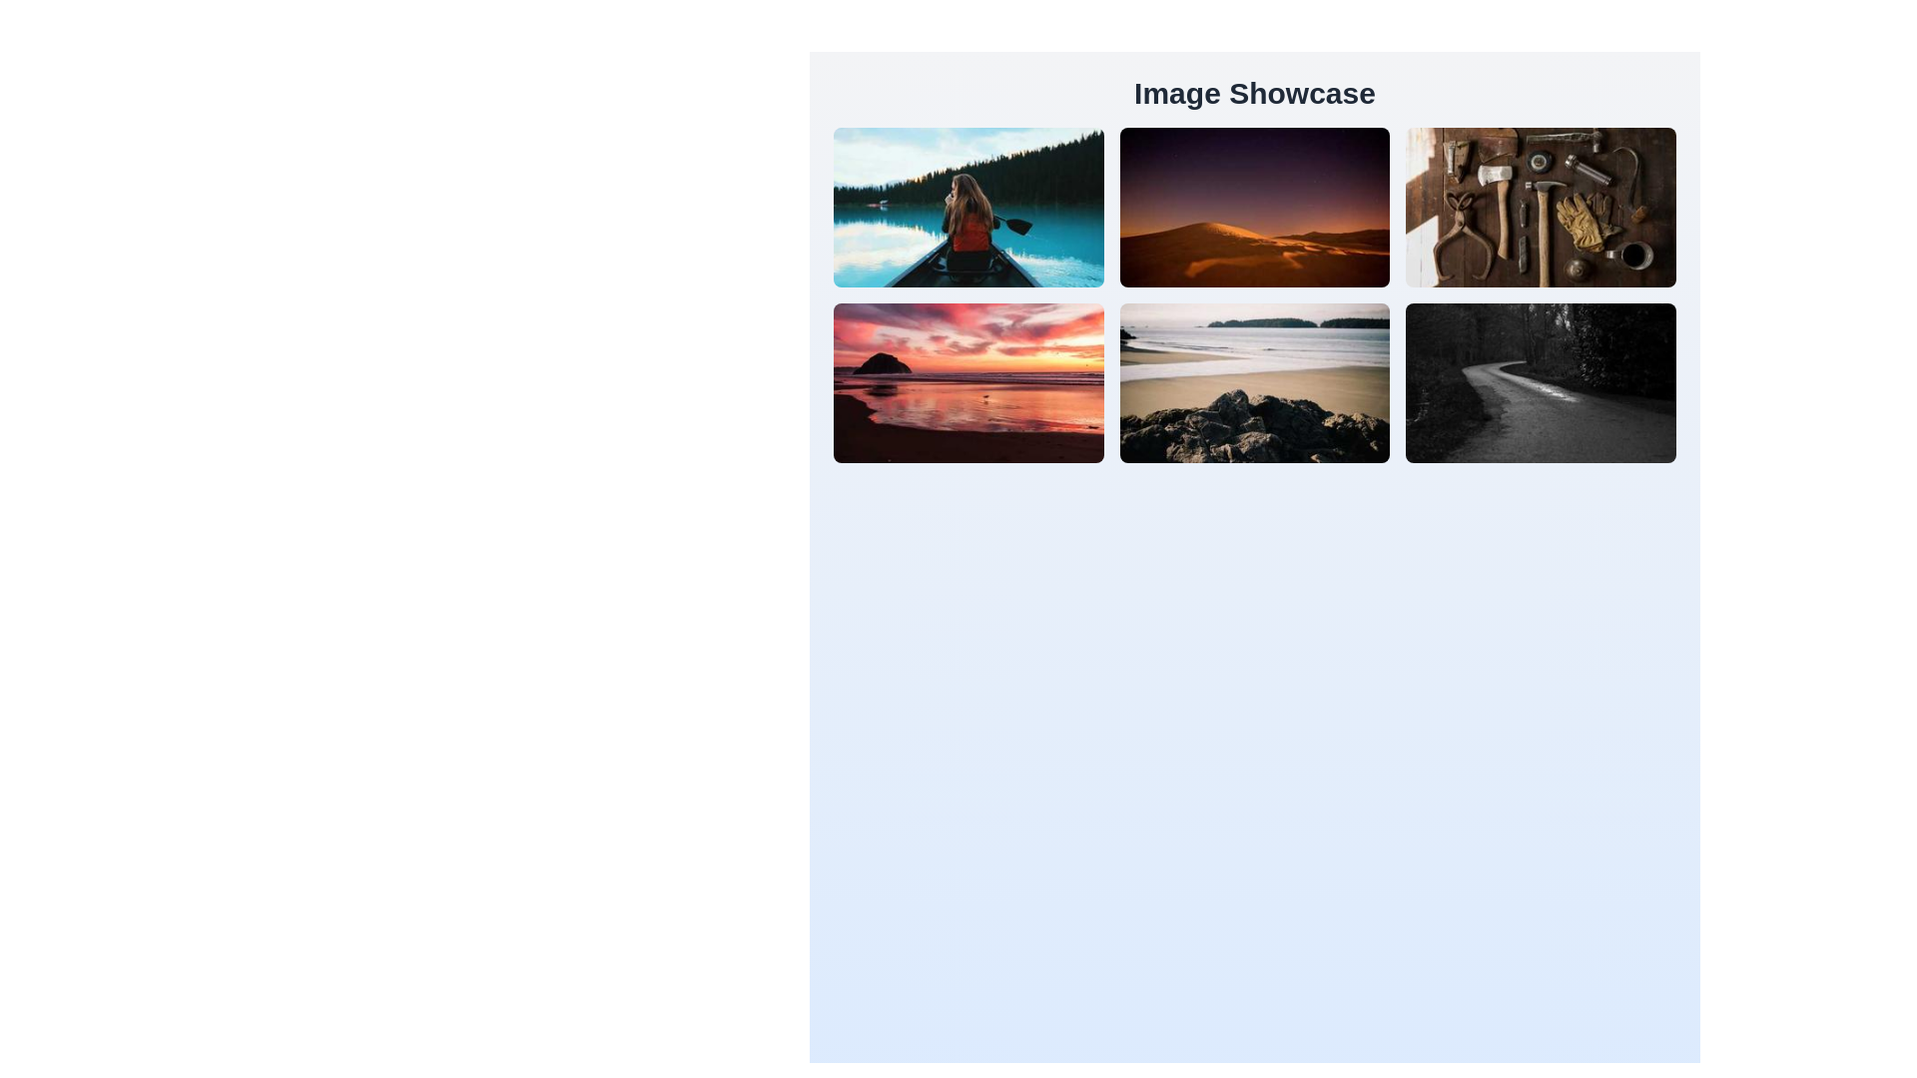  I want to click on the image of tools and accessories located in the top-right corner of the grid layout under 'Image Showcase' to enlarge it, so click(1540, 208).